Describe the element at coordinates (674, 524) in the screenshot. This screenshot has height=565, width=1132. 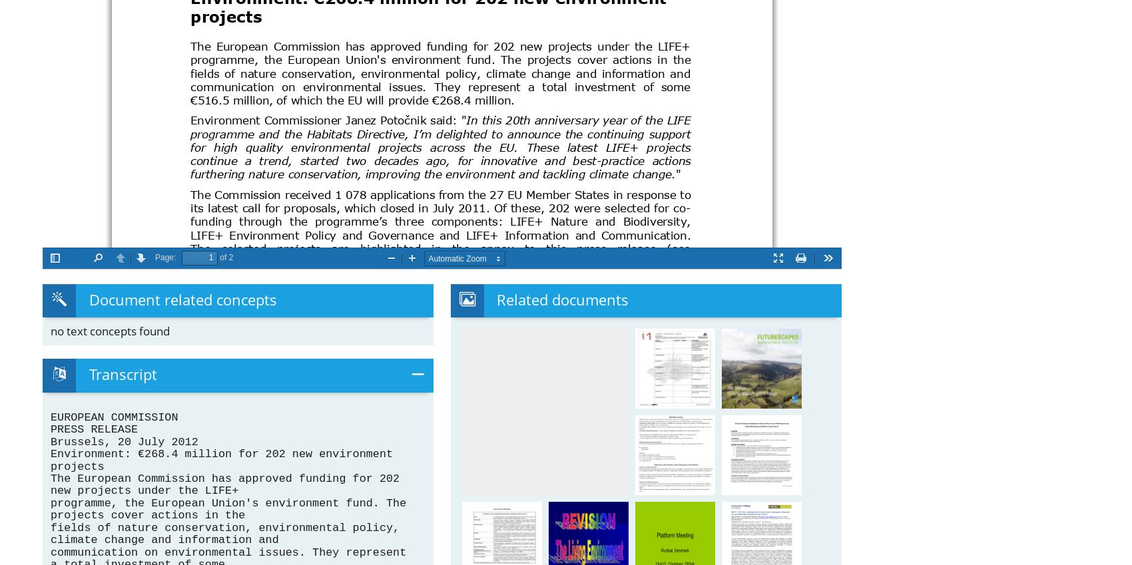
I see `'Platform Meeting'` at that location.